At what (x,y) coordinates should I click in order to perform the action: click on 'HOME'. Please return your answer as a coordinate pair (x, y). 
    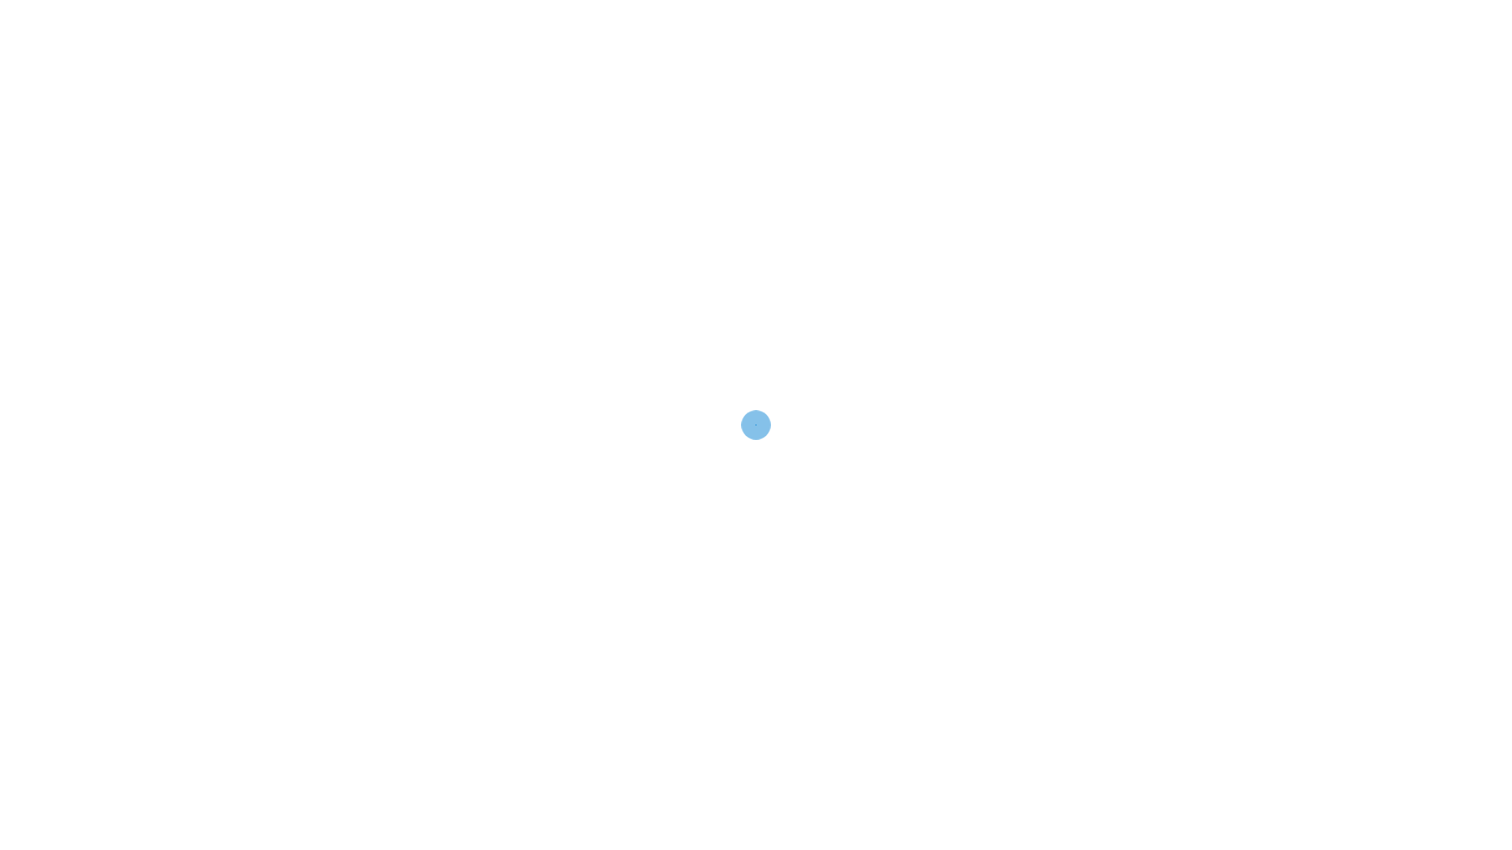
    Looking at the image, I should click on (452, 103).